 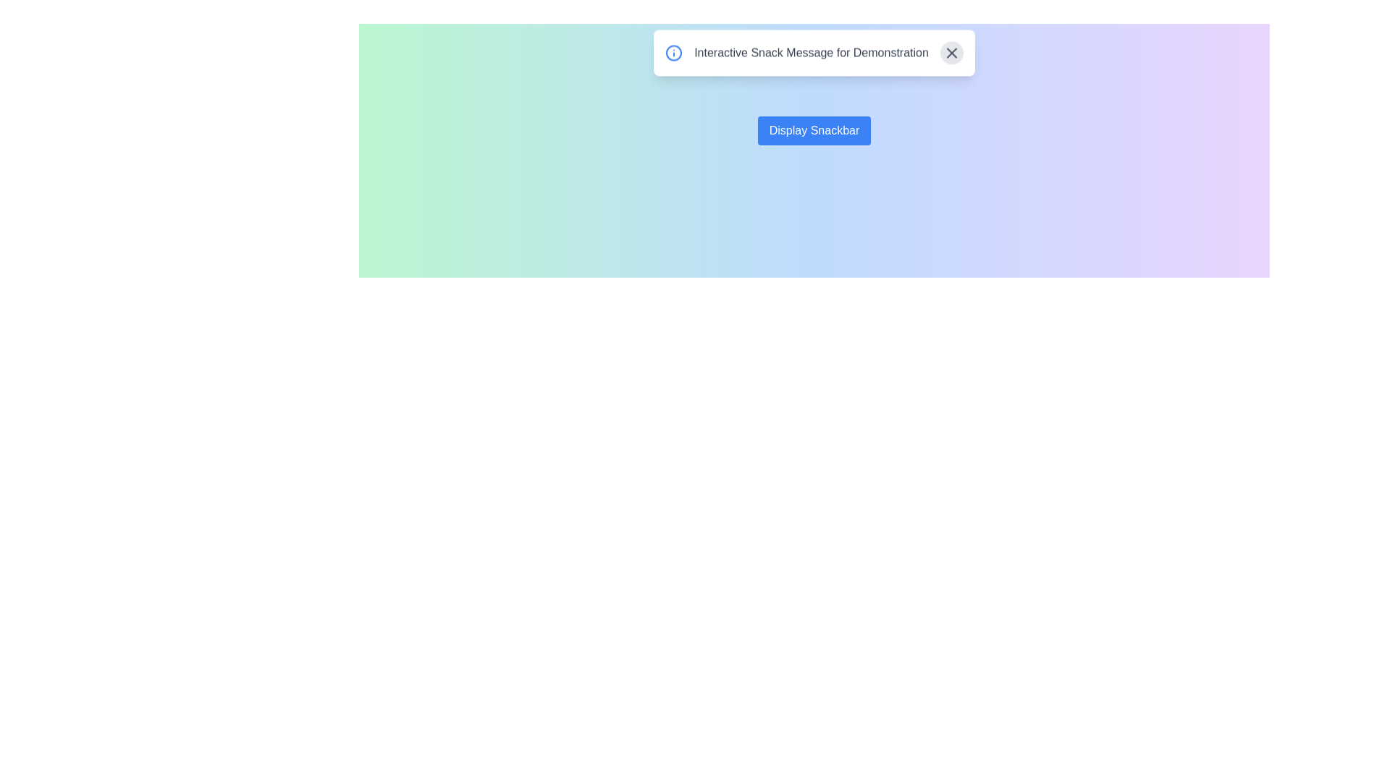 What do you see at coordinates (951, 58) in the screenshot?
I see `the Close button located in the top right corner of the snackbar notification` at bounding box center [951, 58].